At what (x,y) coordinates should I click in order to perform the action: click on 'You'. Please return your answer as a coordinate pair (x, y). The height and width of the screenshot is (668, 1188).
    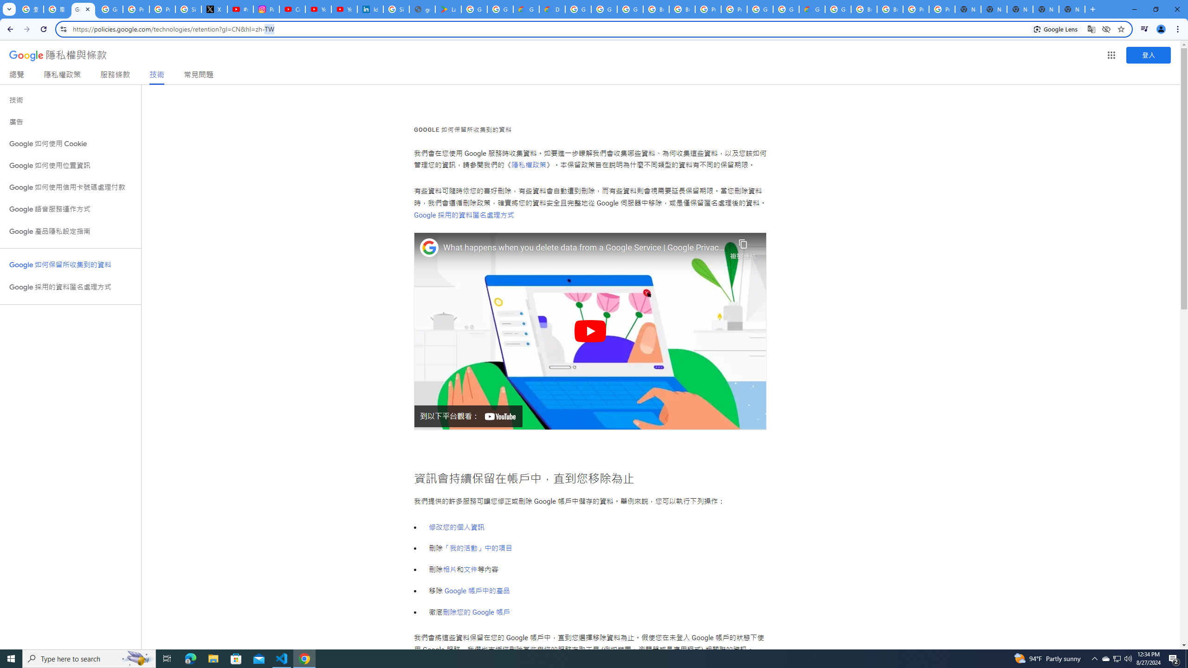
    Looking at the image, I should click on (1161, 29).